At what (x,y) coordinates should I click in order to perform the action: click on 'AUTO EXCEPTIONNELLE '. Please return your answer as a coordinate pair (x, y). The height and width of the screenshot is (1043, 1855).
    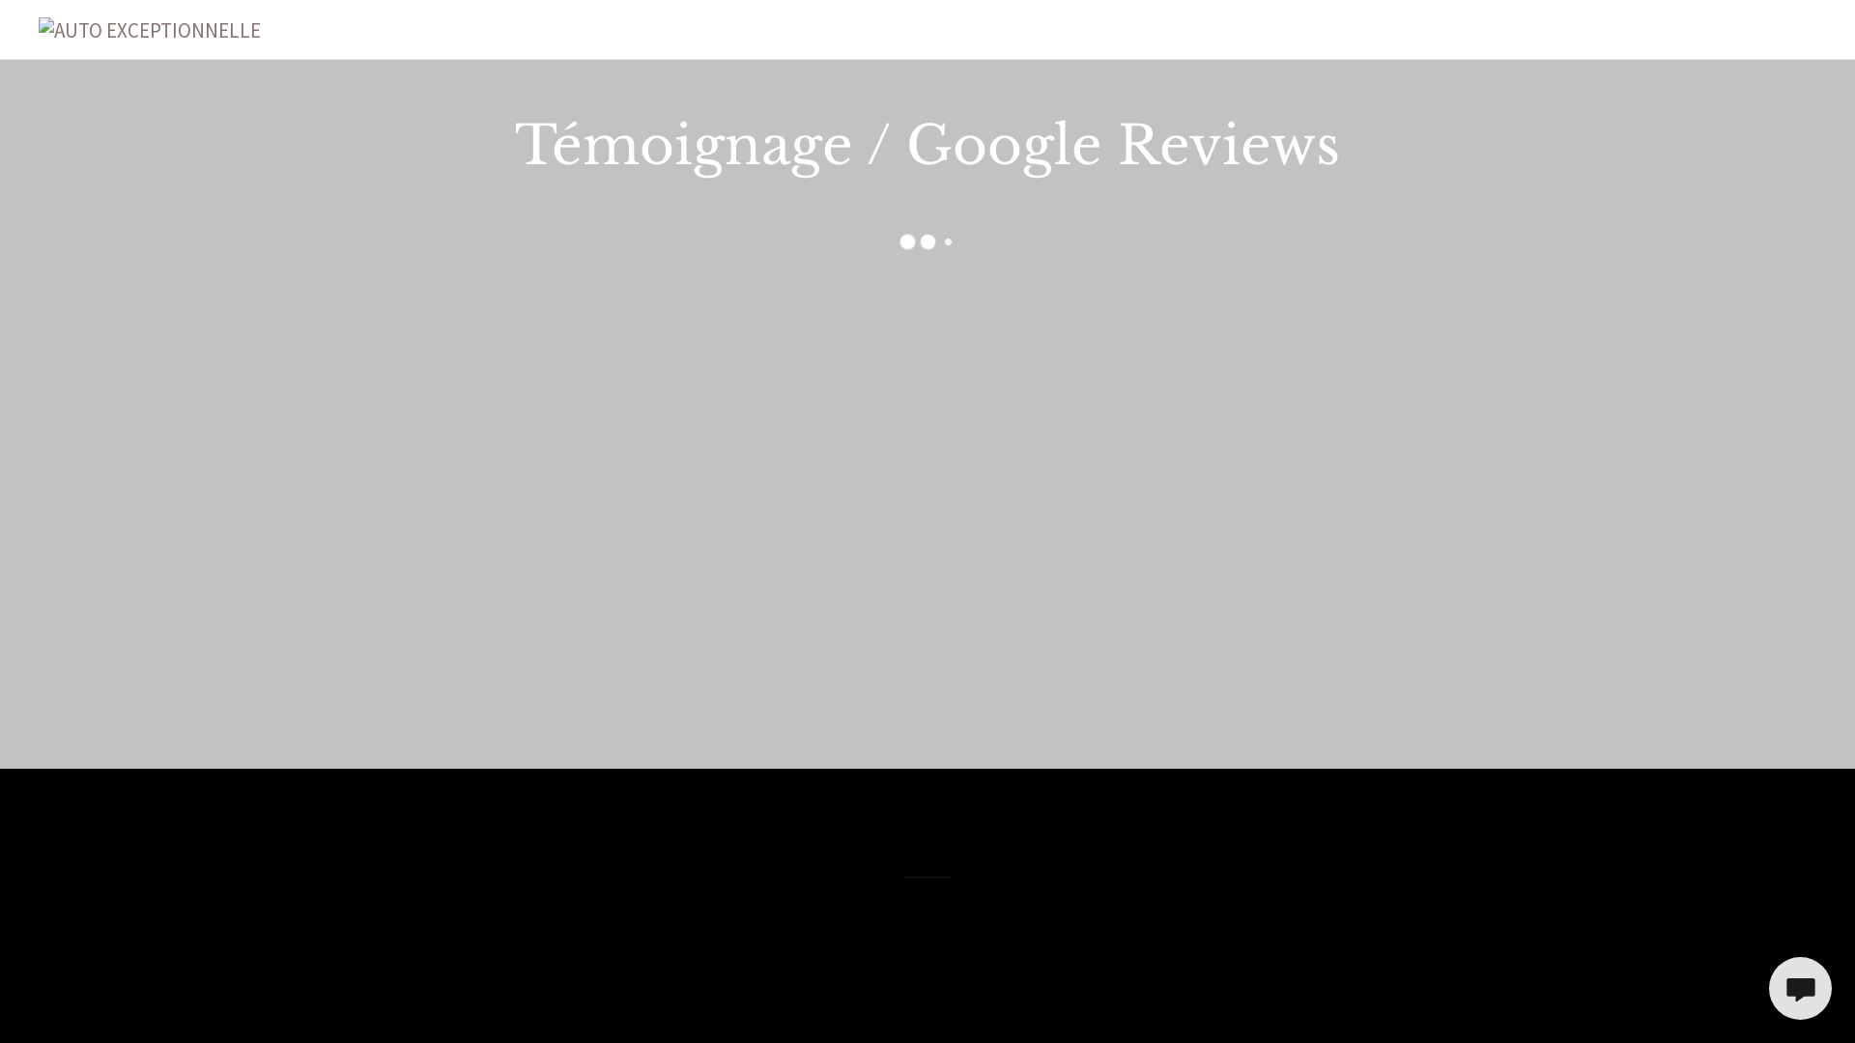
    Looking at the image, I should click on (148, 28).